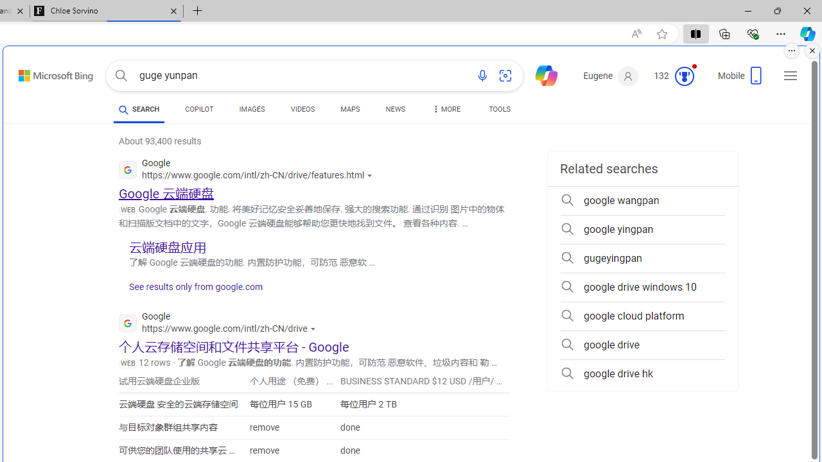 This screenshot has width=822, height=462. Describe the element at coordinates (636, 33) in the screenshot. I see `'Read aloud this page (Ctrl+Shift+U)'` at that location.